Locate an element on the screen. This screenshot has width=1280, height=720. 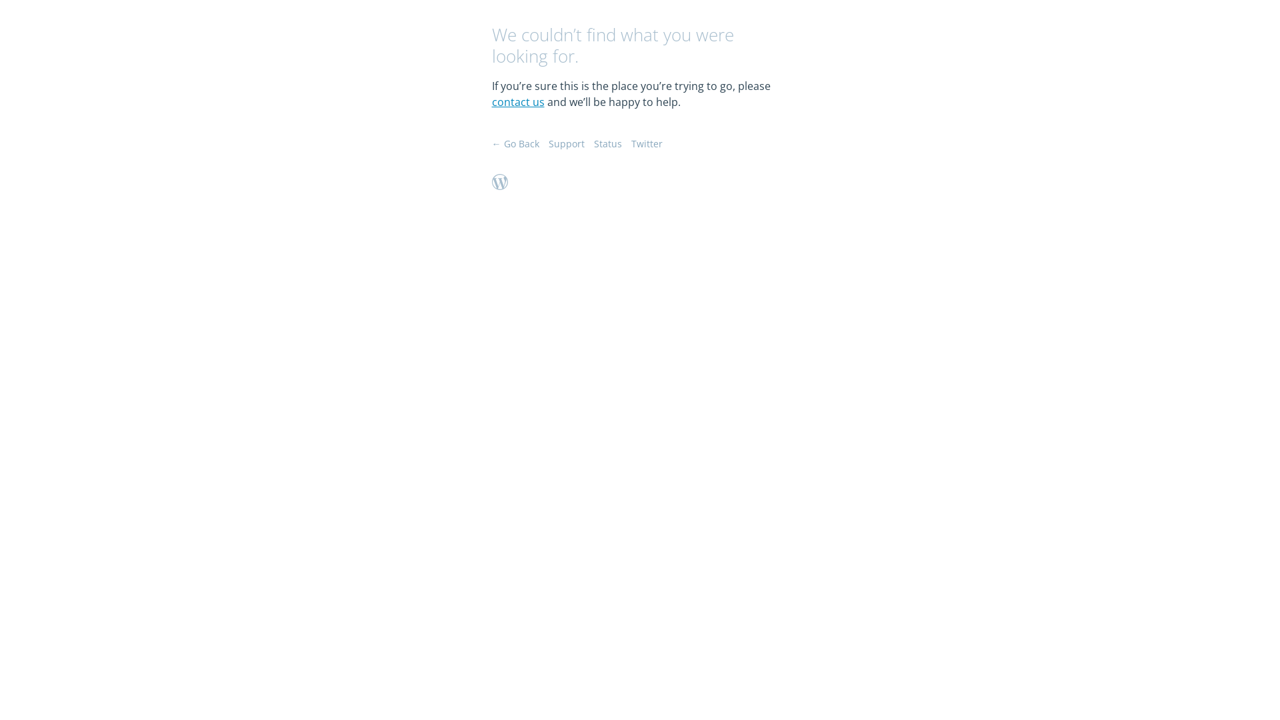
'Support' is located at coordinates (566, 143).